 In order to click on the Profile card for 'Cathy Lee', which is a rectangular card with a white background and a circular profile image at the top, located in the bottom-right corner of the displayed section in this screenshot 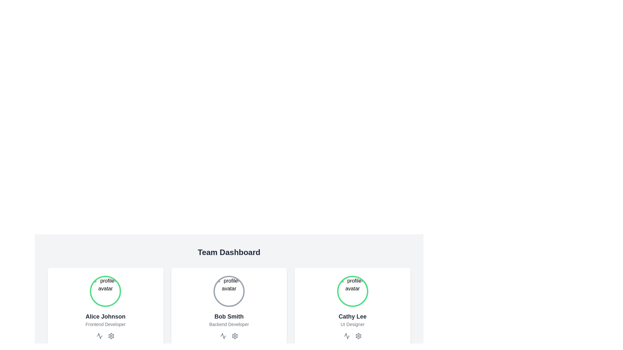, I will do `click(352, 307)`.